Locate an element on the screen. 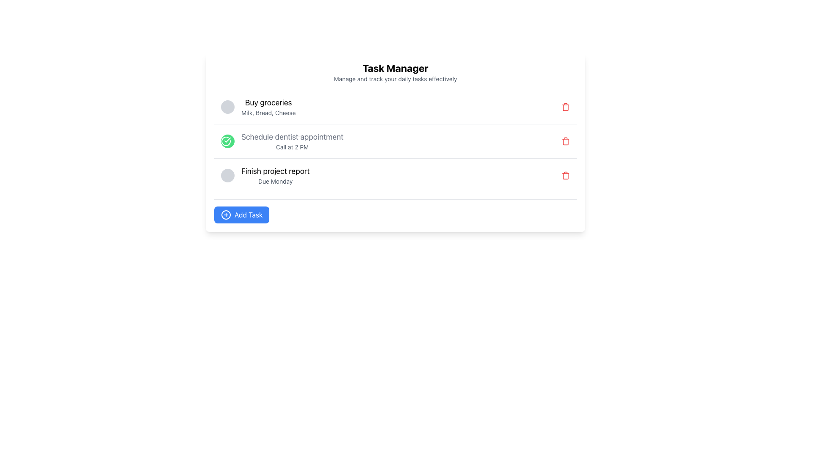  the subtext element that provides additional information related to the task 'Schedule dentist appointment', which is struck through and located in a vertical list within a task management interface is located at coordinates (292, 146).